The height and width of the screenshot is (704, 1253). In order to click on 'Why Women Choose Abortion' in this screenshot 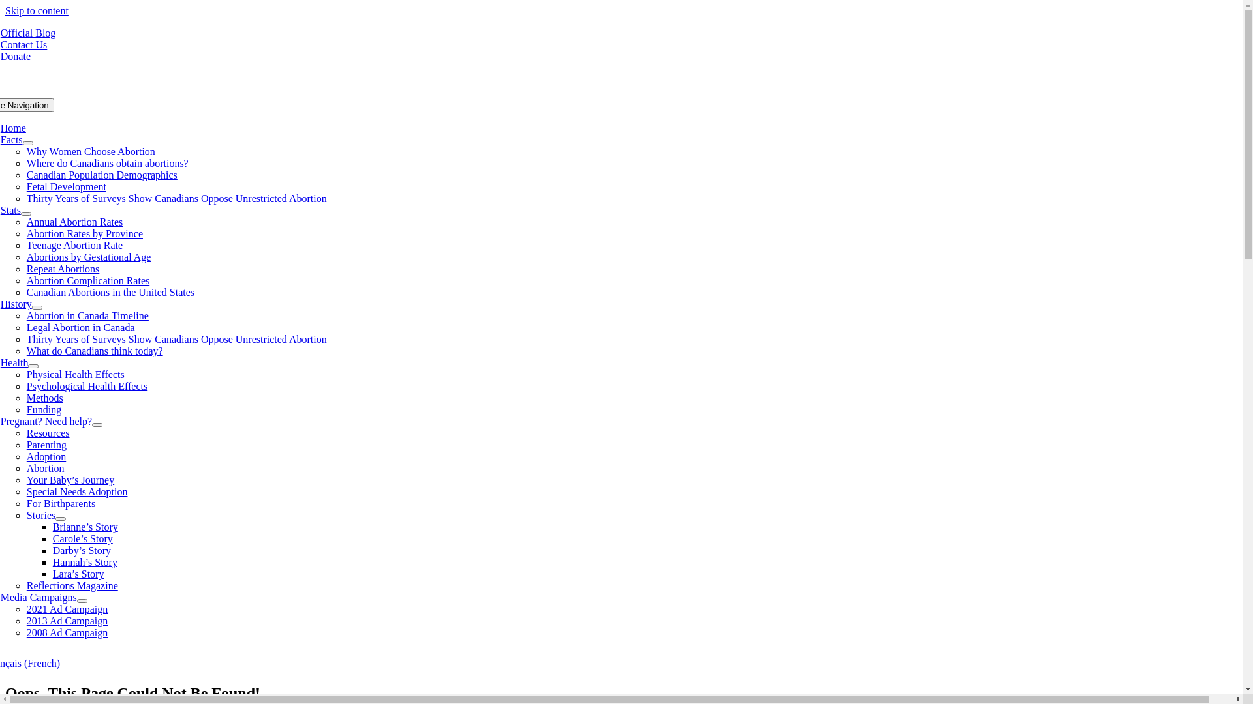, I will do `click(27, 151)`.